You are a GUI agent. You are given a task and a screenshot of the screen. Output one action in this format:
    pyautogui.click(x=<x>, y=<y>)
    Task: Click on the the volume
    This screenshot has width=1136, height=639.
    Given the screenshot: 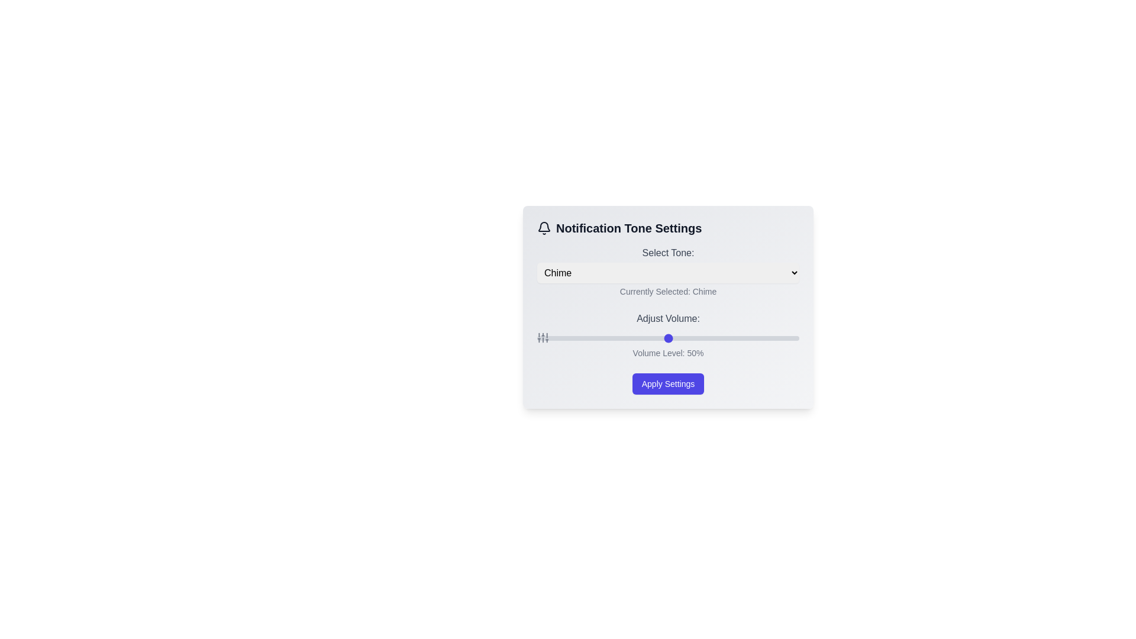 What is the action you would take?
    pyautogui.click(x=786, y=338)
    